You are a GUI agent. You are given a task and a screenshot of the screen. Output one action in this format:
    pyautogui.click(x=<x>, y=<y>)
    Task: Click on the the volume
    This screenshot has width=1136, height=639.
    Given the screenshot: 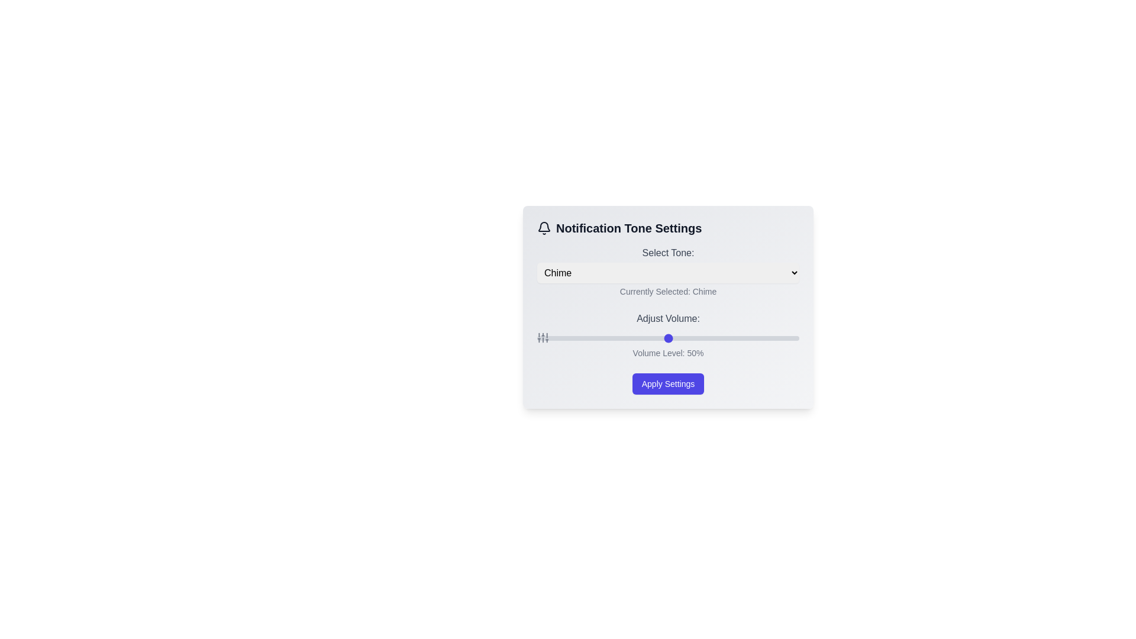 What is the action you would take?
    pyautogui.click(x=786, y=338)
    